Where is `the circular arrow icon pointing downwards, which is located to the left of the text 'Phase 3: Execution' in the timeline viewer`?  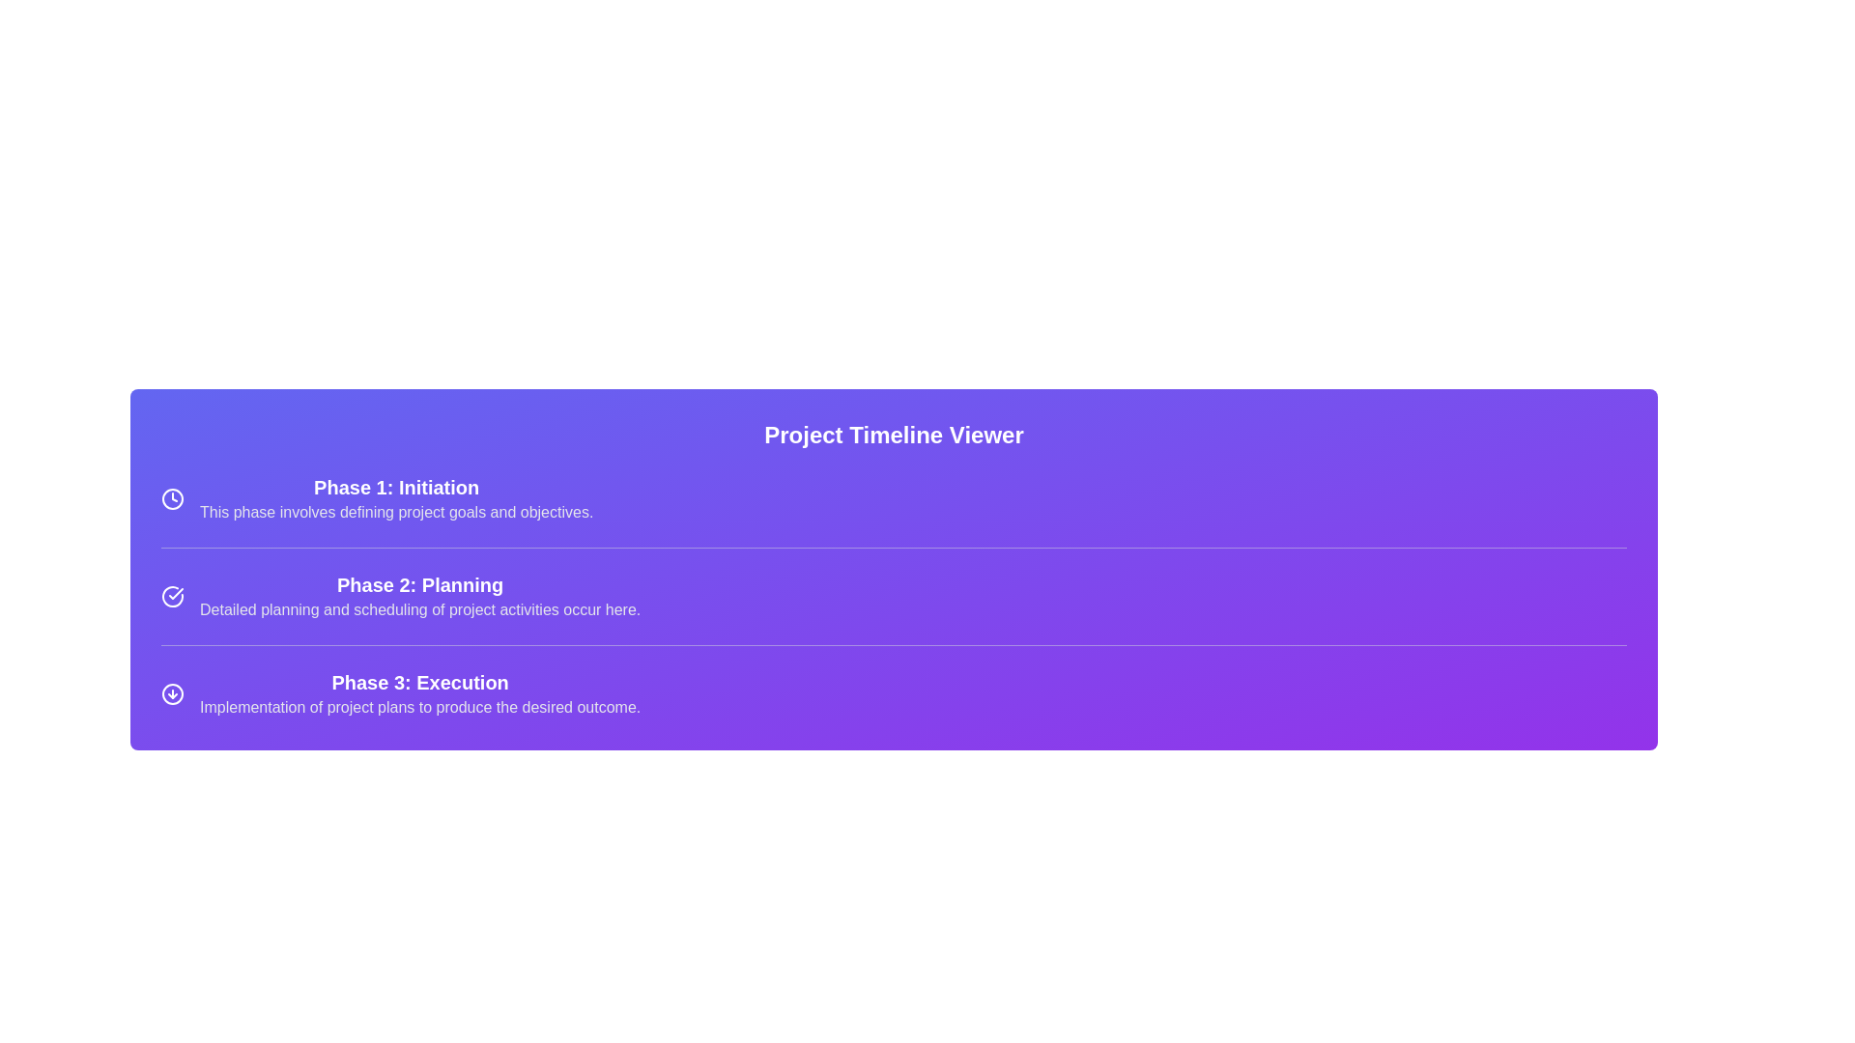 the circular arrow icon pointing downwards, which is located to the left of the text 'Phase 3: Execution' in the timeline viewer is located at coordinates (172, 692).